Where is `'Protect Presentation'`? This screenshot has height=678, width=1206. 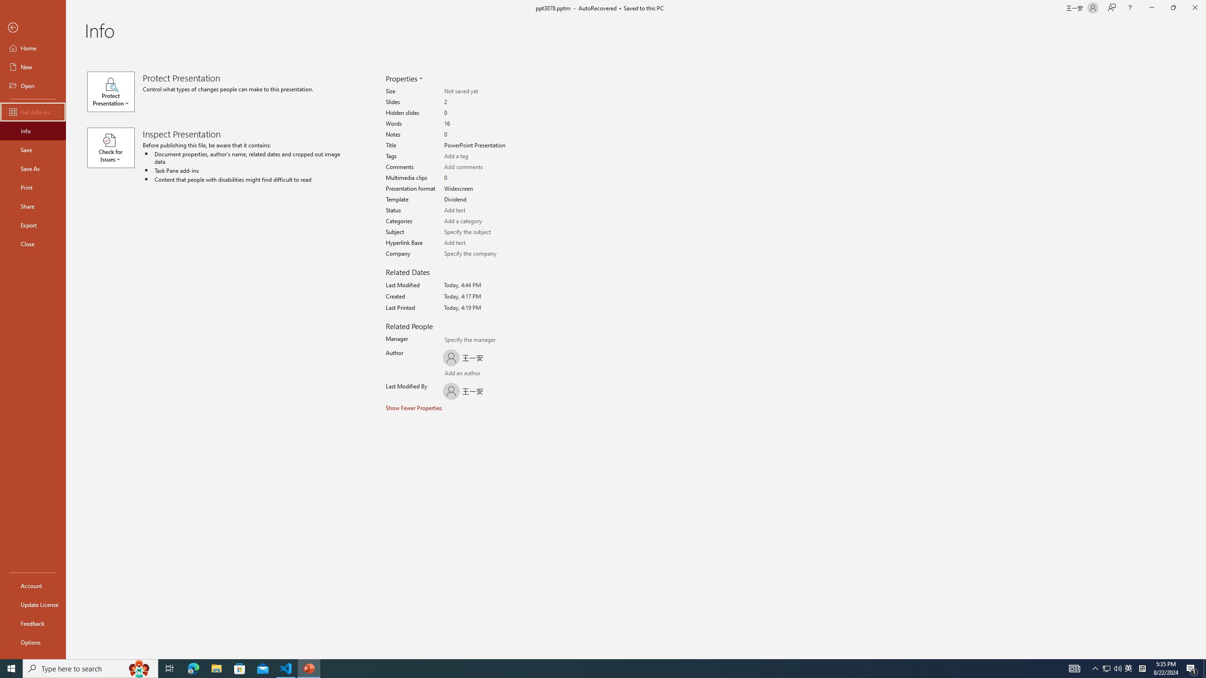 'Protect Presentation' is located at coordinates (114, 92).